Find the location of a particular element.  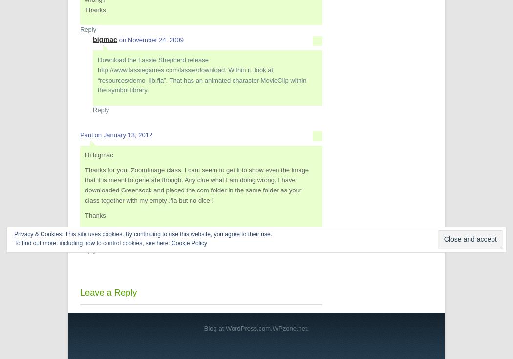

'Leave a Reply' is located at coordinates (107, 293).